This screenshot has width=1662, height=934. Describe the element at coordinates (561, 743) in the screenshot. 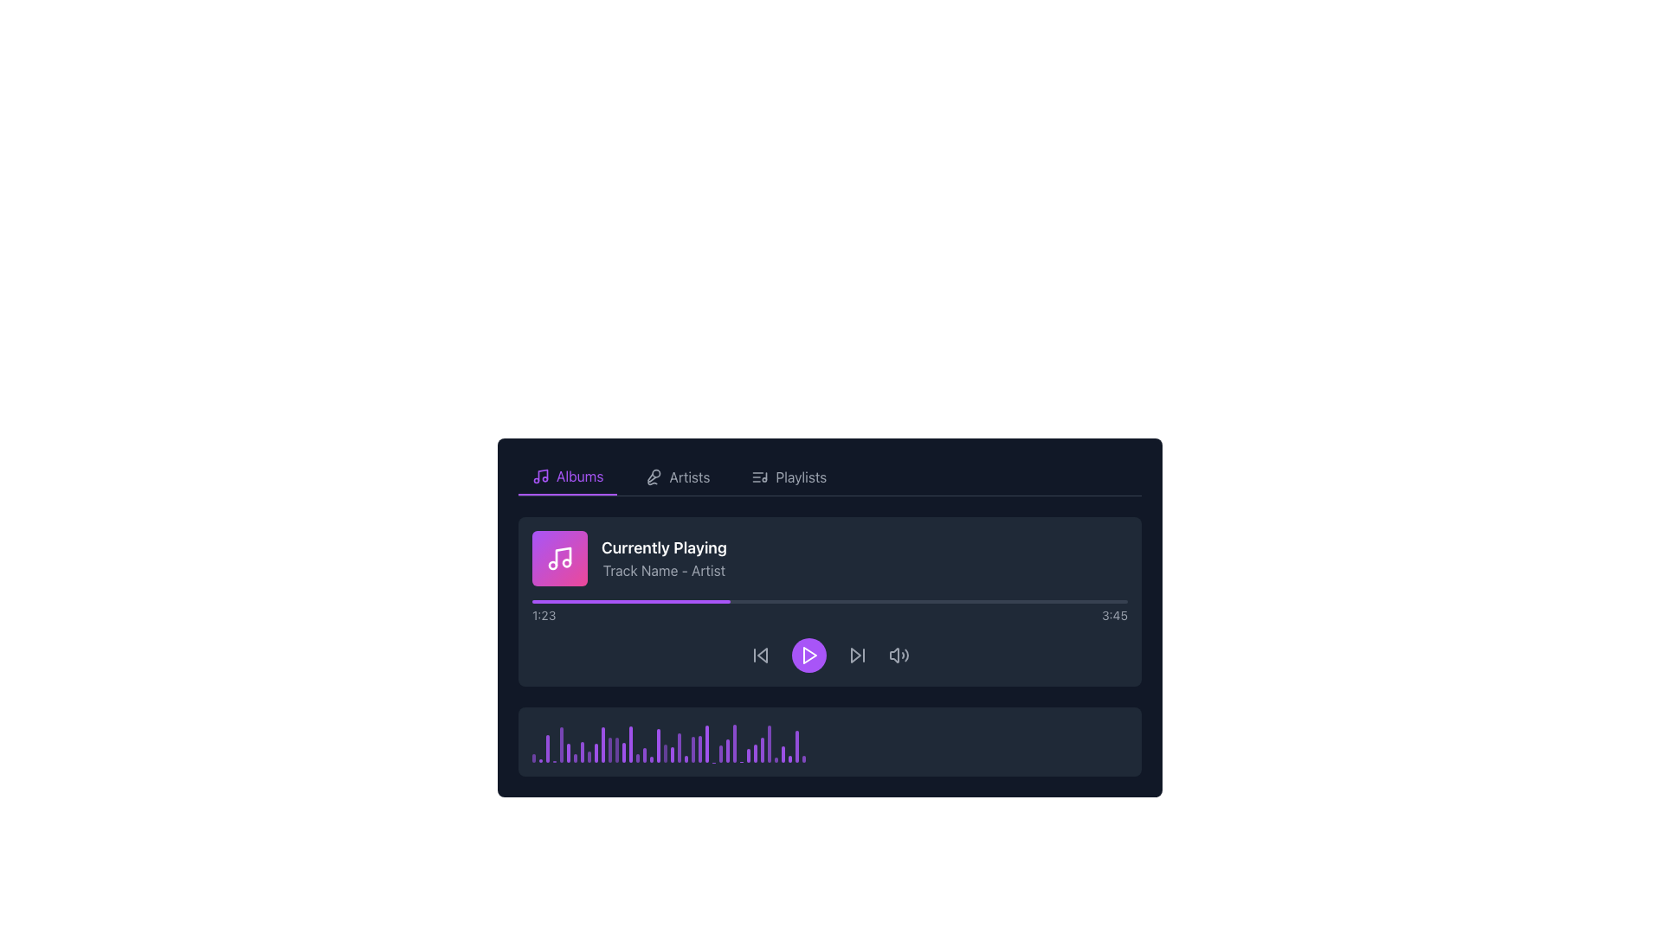

I see `the purple vertical bar in the histogram component, which has rounded ends and is part of a collection of similar bars representing audio data` at that location.